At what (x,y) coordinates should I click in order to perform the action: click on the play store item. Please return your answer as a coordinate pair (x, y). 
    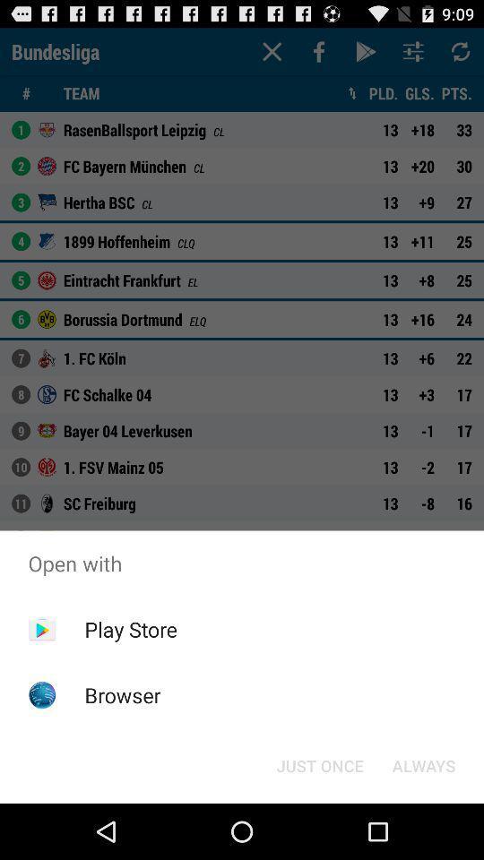
    Looking at the image, I should click on (130, 629).